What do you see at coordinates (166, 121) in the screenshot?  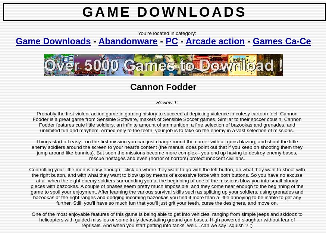 I see `'Probably the first violent action game in gaming history to succeed at depicting violence in cutesy cartoon feel, Cannon Fodder is a great game from Sensible Software, makers of Sensible Soccer games. Similar to their soccer cousin, Cannon Fodder features cute little soldiers, an infinite amount of ammunition, a fine selection of bazookas and grenades, and unlimited fun and mayhem. Armed only to the teeth, your job is to take on the enemy in a vast selection of missions.'` at bounding box center [166, 121].